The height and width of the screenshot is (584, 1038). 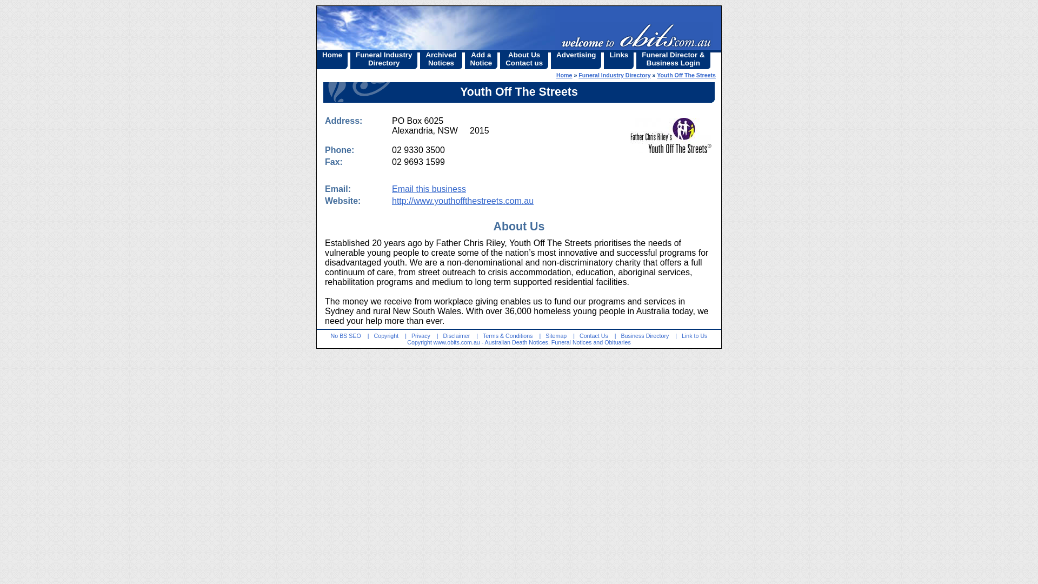 I want to click on 'Archived, so click(x=420, y=59).